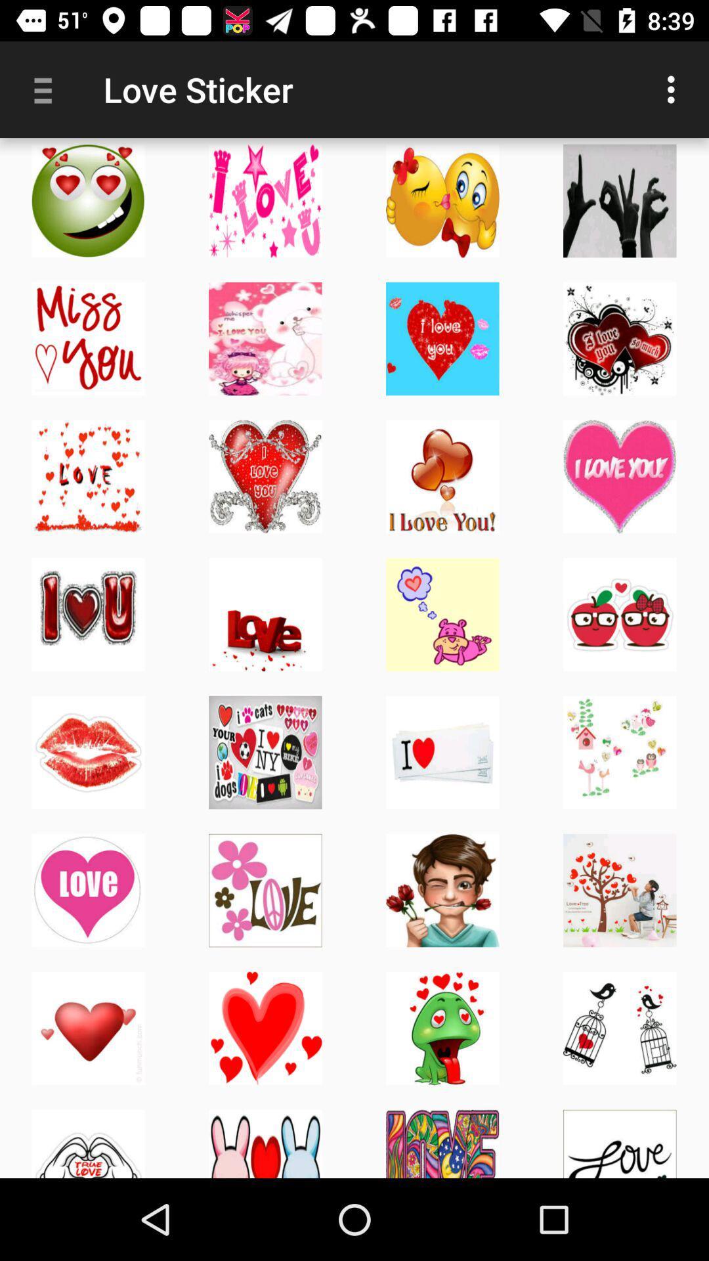 The image size is (709, 1261). What do you see at coordinates (47, 89) in the screenshot?
I see `app next to the love sticker item` at bounding box center [47, 89].